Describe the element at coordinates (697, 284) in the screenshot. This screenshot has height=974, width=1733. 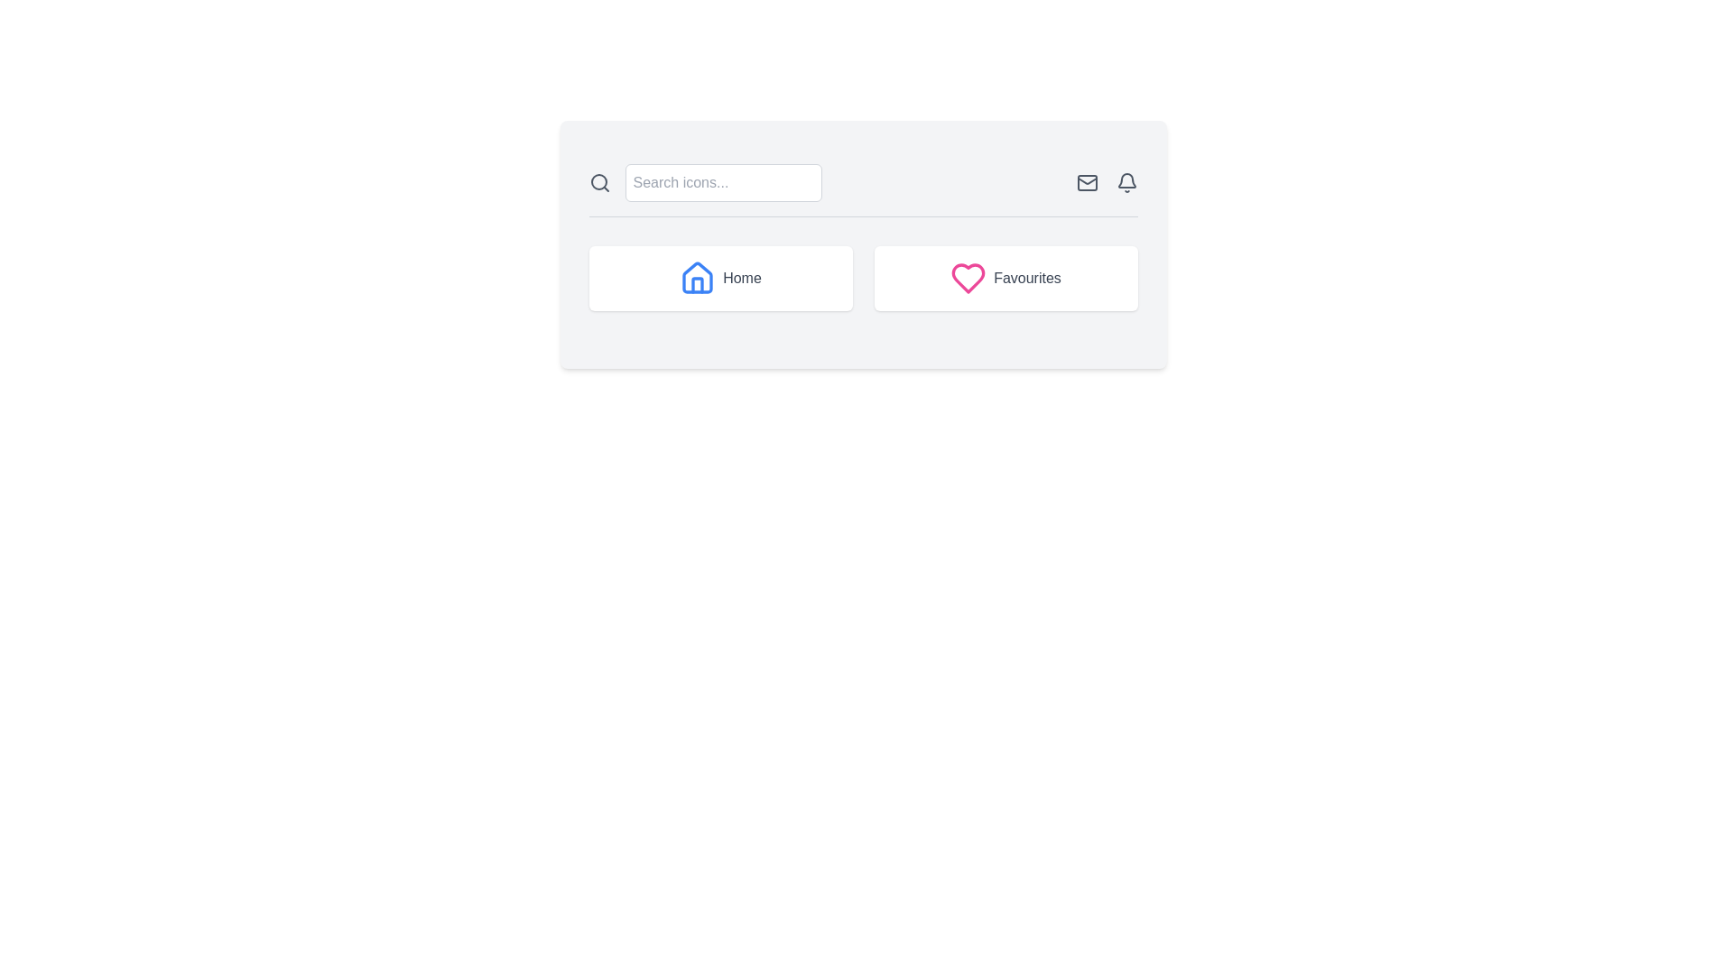
I see `the door of the house icon within the 'Home' button, located at the central, lower portion of the icon` at that location.